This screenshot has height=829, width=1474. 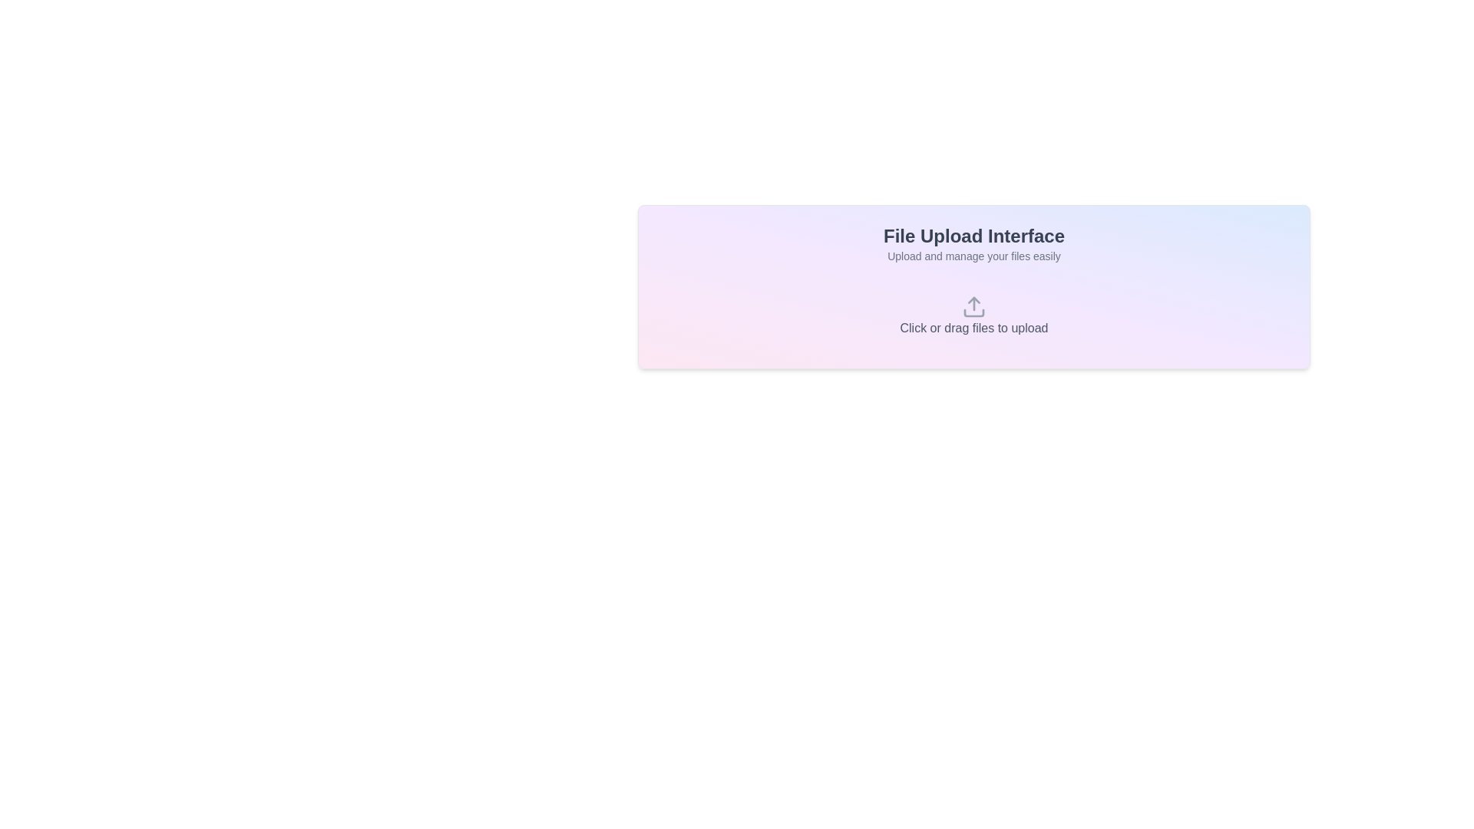 I want to click on the File upload area, so click(x=973, y=315).